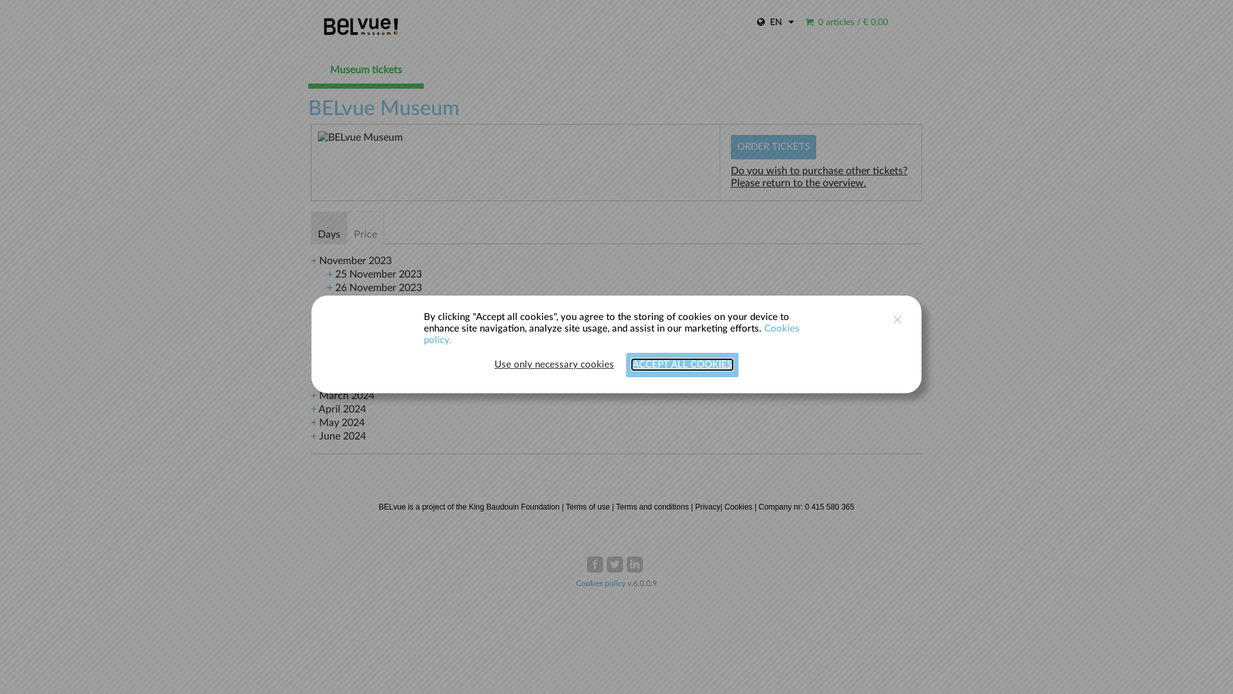 The width and height of the screenshot is (1233, 694). Describe the element at coordinates (351, 381) in the screenshot. I see `'February 2024'` at that location.